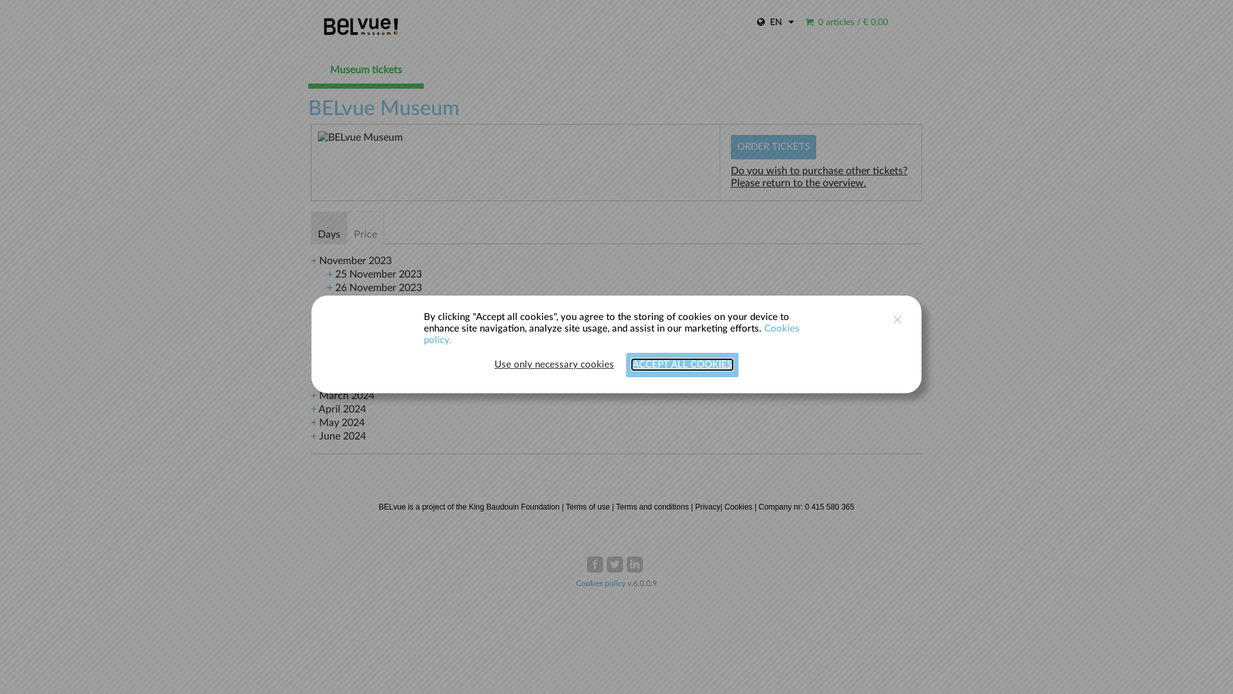 The width and height of the screenshot is (1233, 694). Describe the element at coordinates (351, 381) in the screenshot. I see `'February 2024'` at that location.